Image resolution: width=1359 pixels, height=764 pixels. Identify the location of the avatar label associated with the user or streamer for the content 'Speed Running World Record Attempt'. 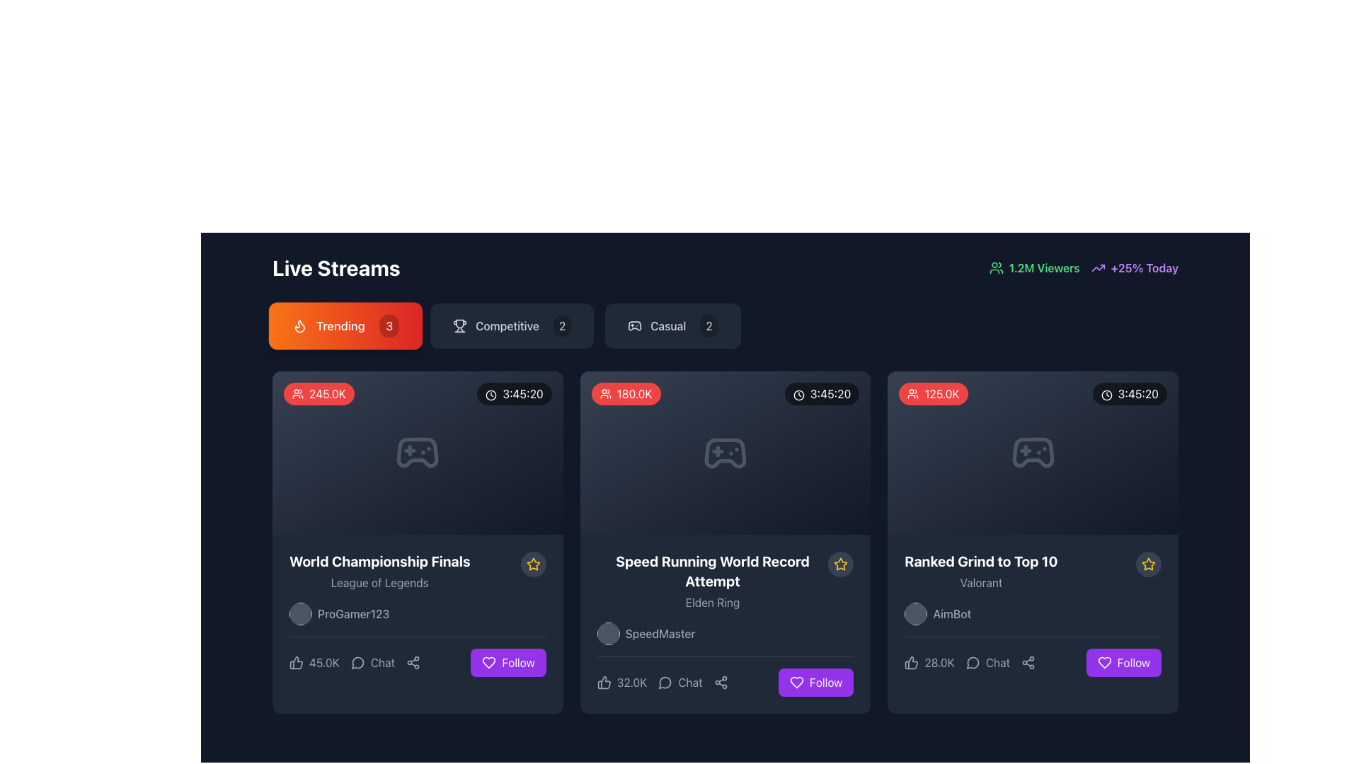
(646, 632).